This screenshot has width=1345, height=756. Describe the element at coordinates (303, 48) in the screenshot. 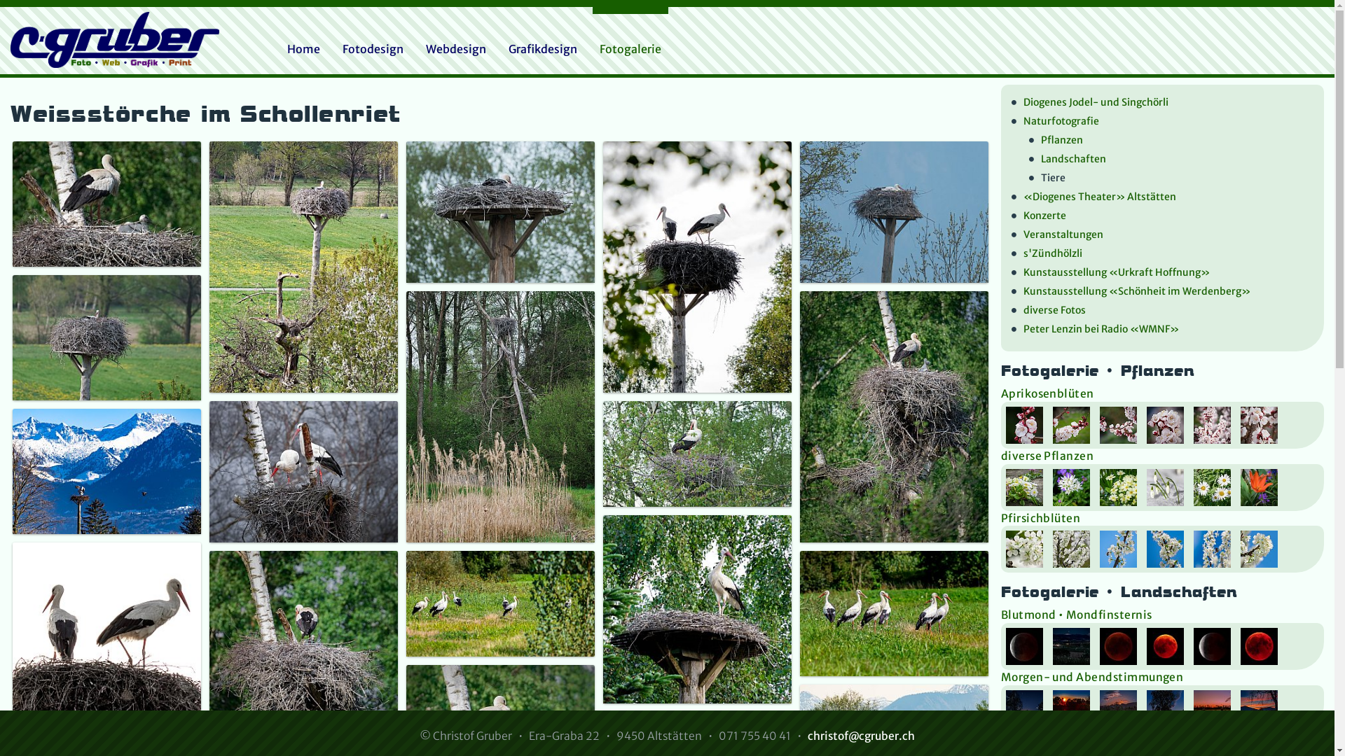

I see `'Home'` at that location.